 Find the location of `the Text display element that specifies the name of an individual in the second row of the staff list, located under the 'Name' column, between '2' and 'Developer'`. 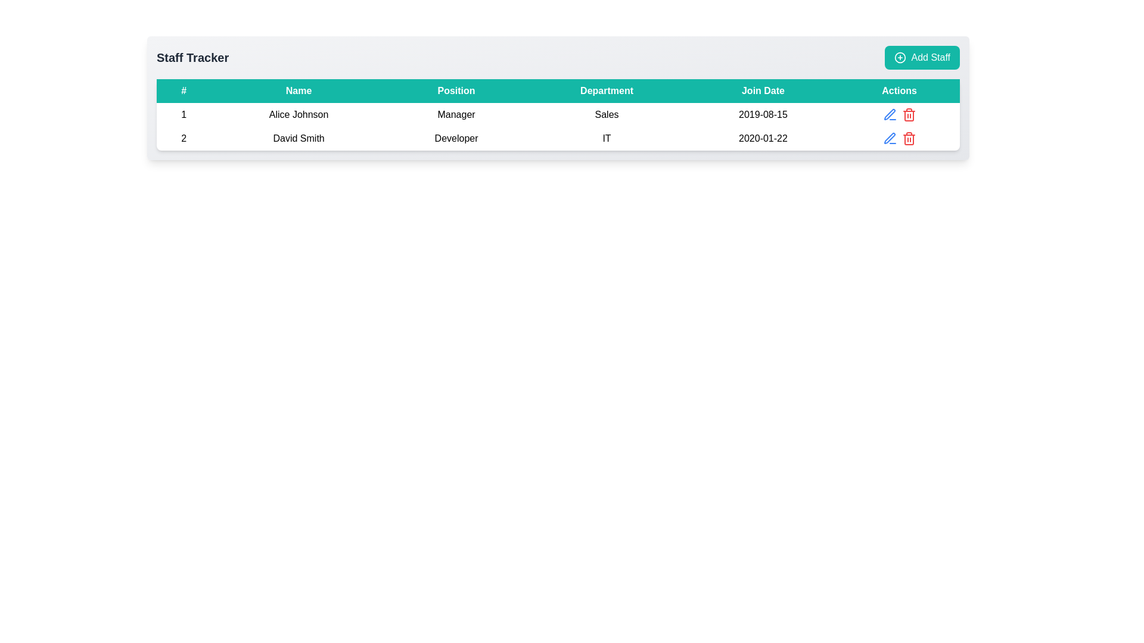

the Text display element that specifies the name of an individual in the second row of the staff list, located under the 'Name' column, between '2' and 'Developer' is located at coordinates (299, 138).